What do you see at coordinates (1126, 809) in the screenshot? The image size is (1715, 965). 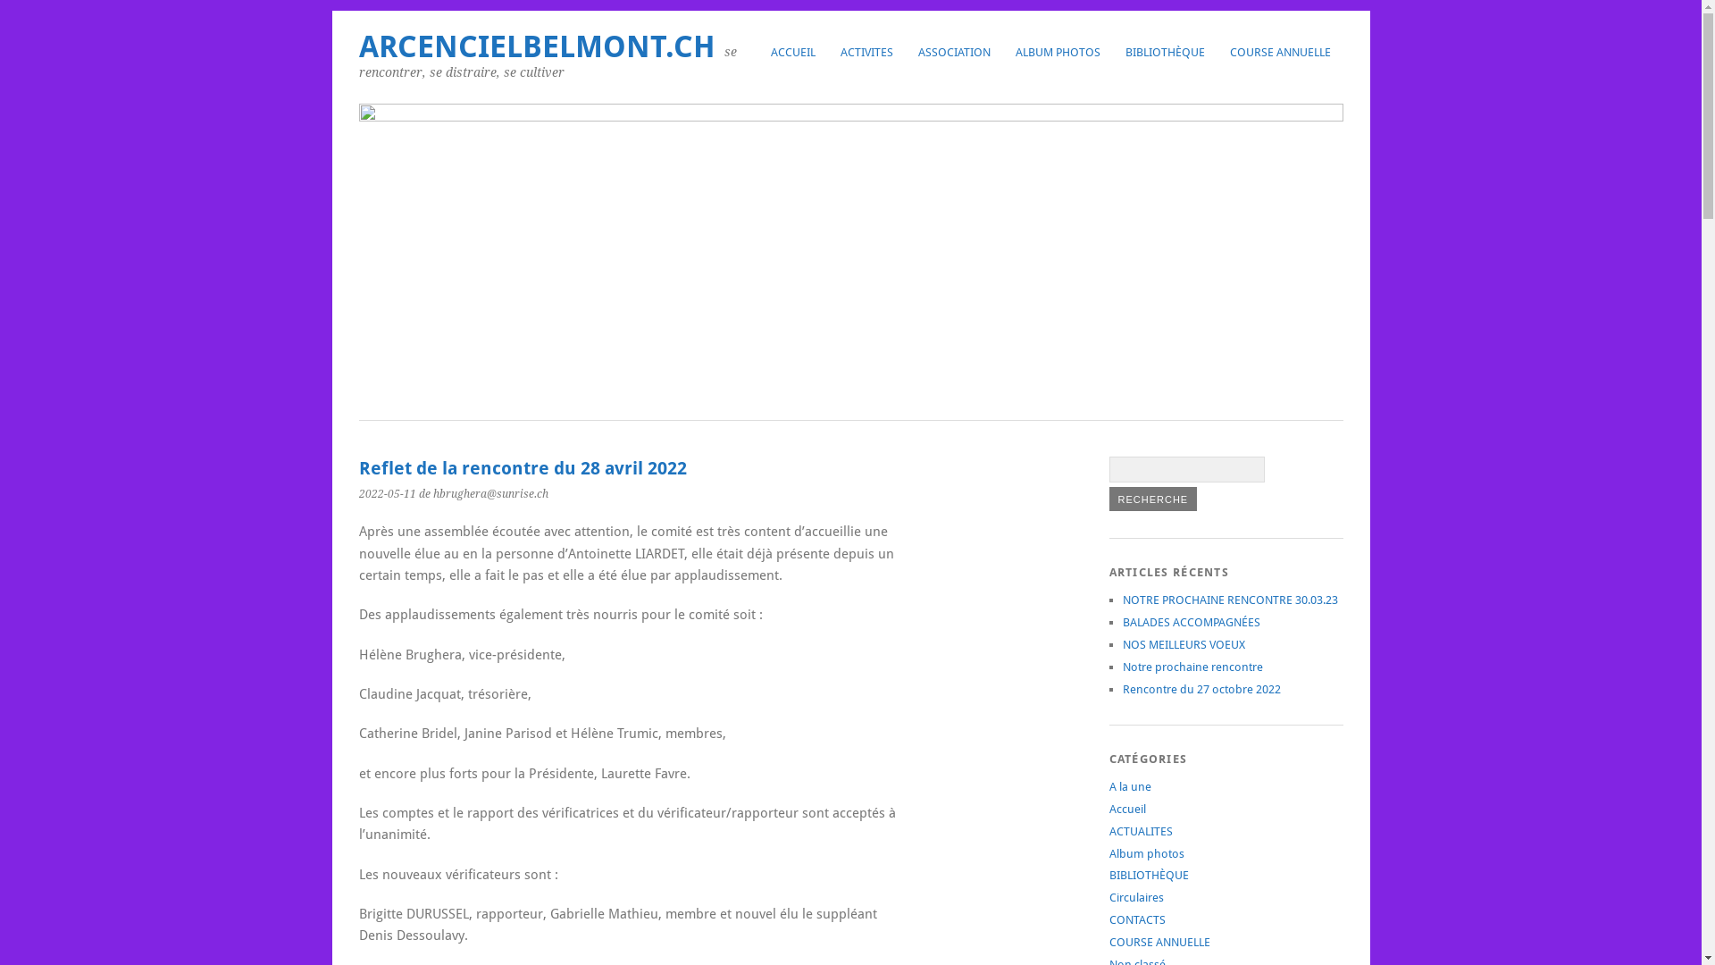 I see `'Accueil'` at bounding box center [1126, 809].